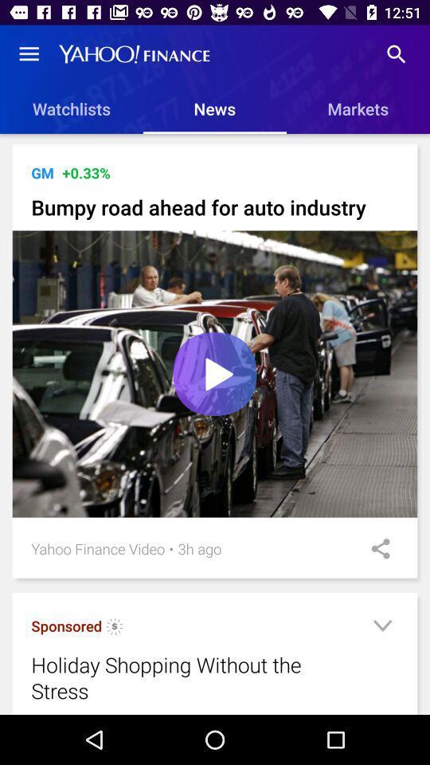  Describe the element at coordinates (65, 626) in the screenshot. I see `icon above holiday shopping without icon` at that location.